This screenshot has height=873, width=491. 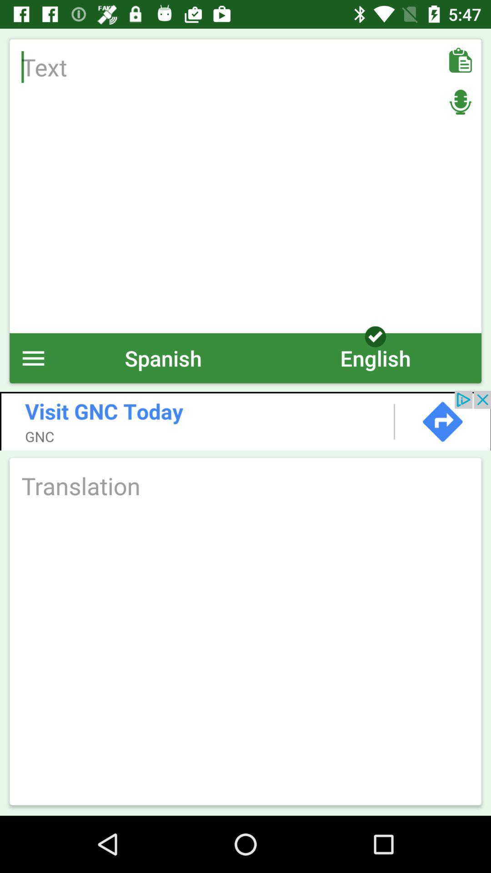 What do you see at coordinates (460, 102) in the screenshot?
I see `mic on` at bounding box center [460, 102].